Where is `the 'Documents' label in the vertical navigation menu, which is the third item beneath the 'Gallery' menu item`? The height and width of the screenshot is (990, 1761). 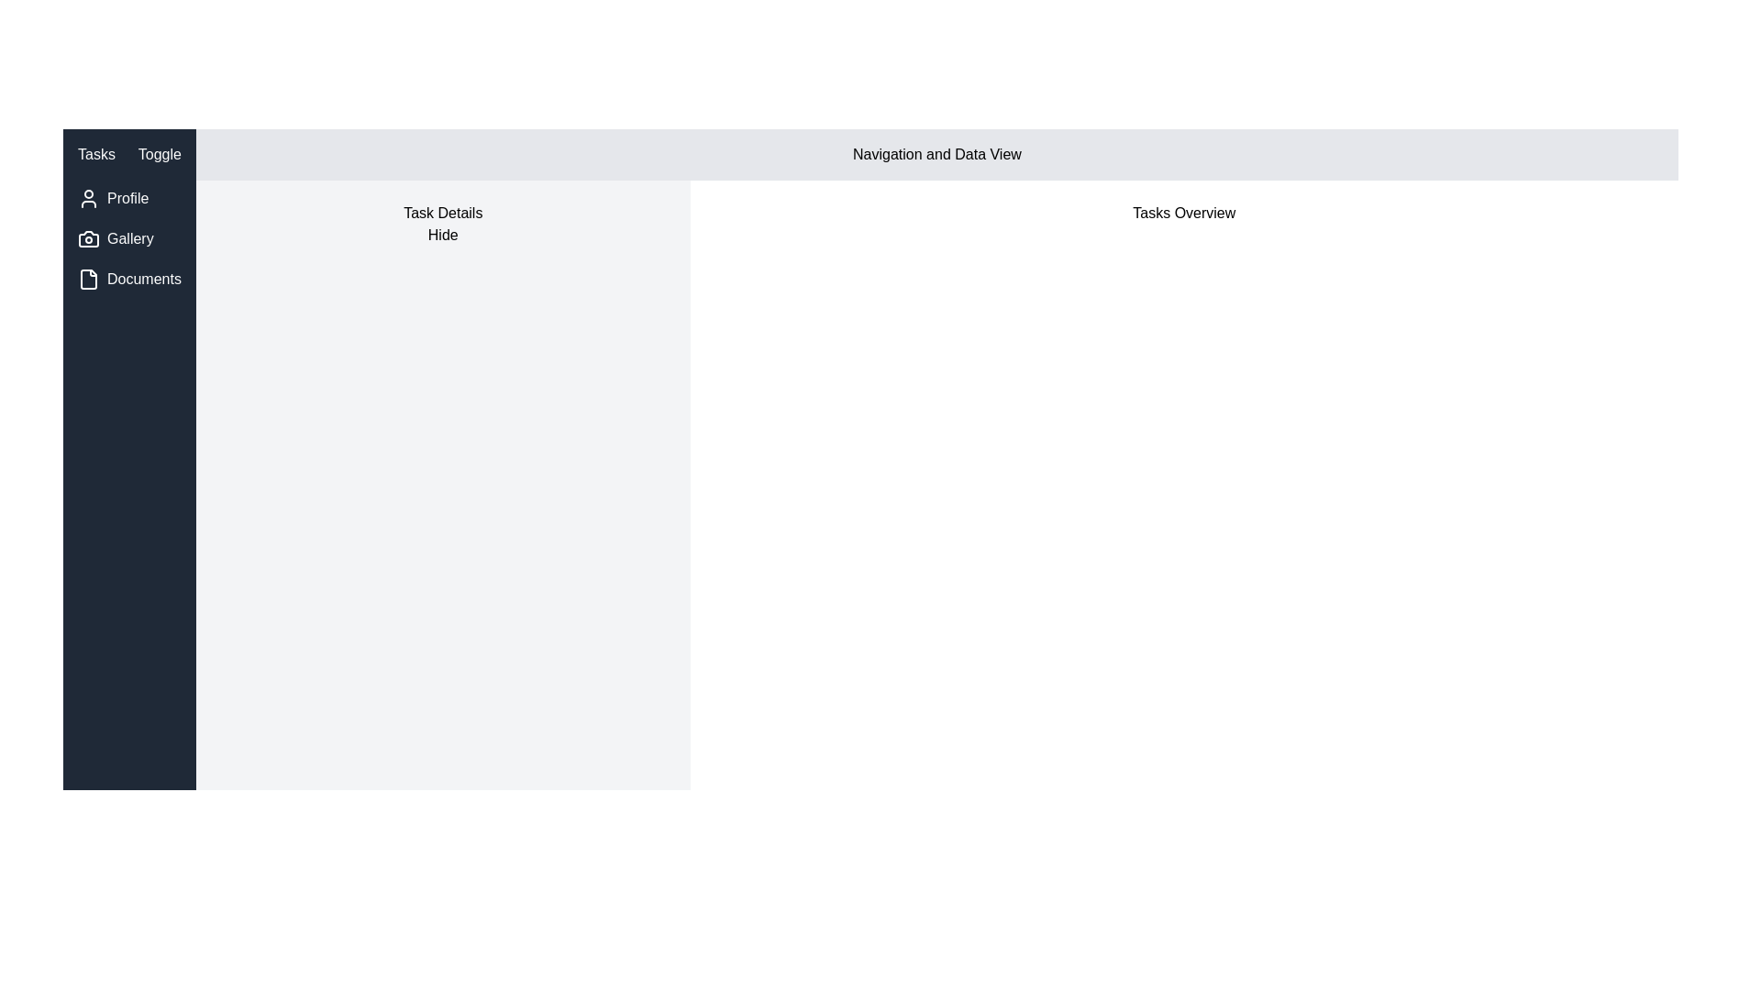
the 'Documents' label in the vertical navigation menu, which is the third item beneath the 'Gallery' menu item is located at coordinates (143, 279).